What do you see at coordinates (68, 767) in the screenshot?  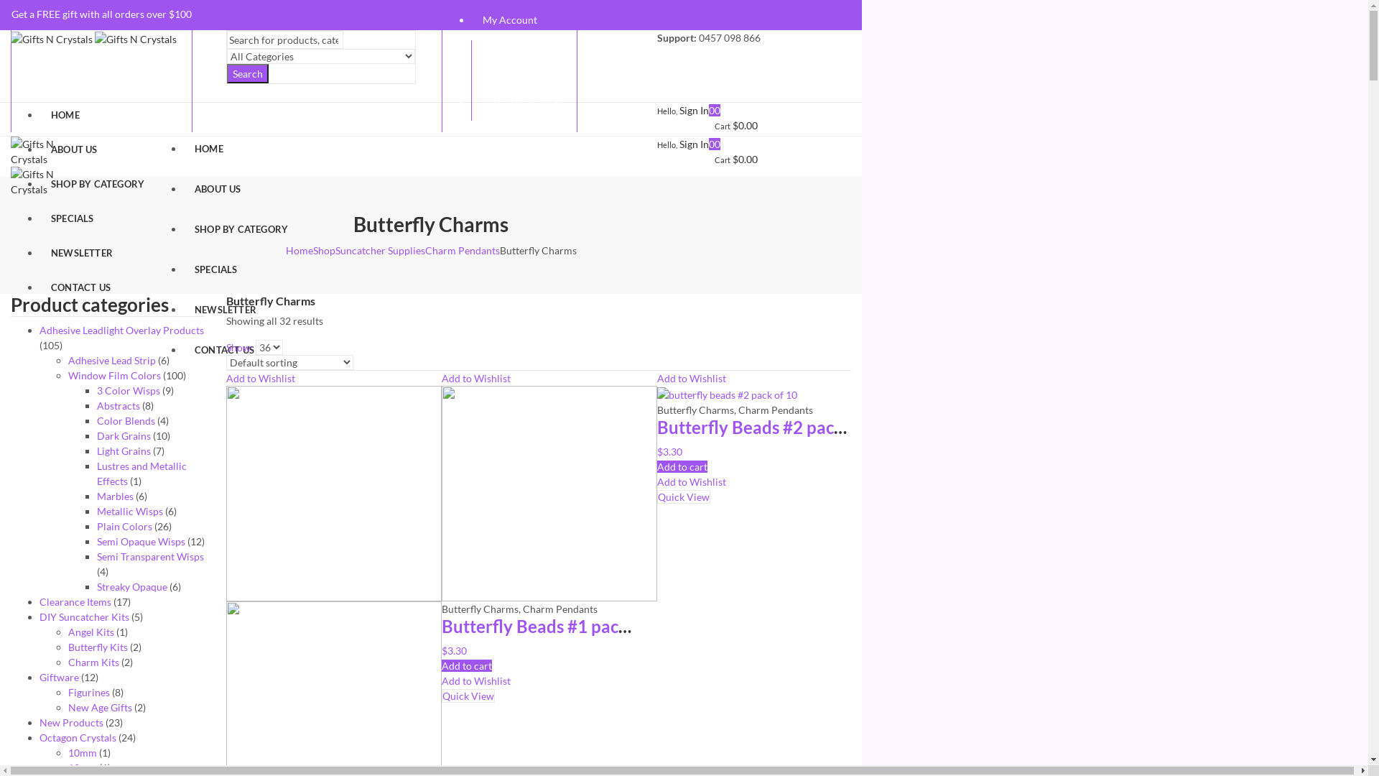 I see `'12mm'` at bounding box center [68, 767].